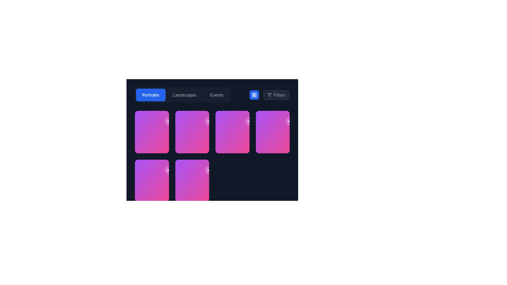 The image size is (507, 285). I want to click on the card located in the fourth column of the first row in a multi-column grid layout, which provides details and interaction points like counts and view counts, so click(273, 132).